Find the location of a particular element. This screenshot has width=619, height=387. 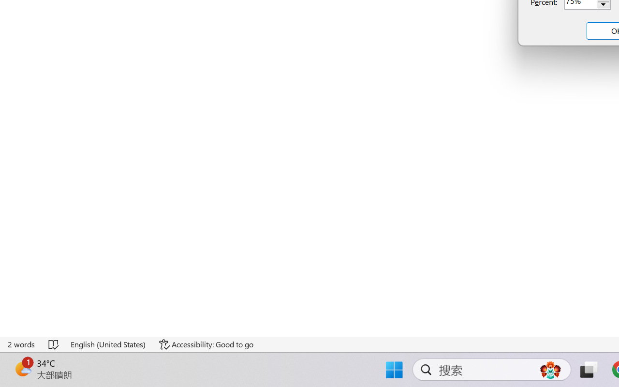

'AutomationID: BadgeAnchorLargeTicker' is located at coordinates (22, 369).